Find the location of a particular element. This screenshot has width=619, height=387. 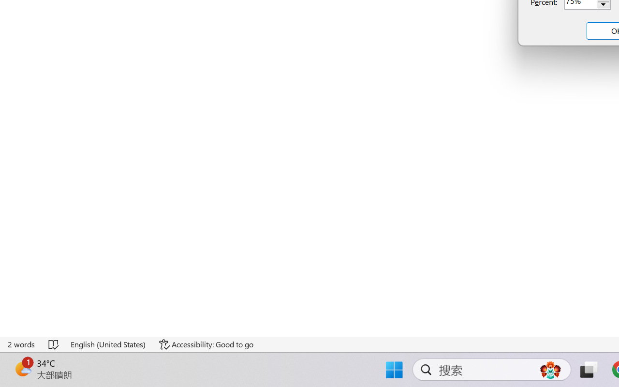

'AutomationID: BadgeAnchorLargeTicker' is located at coordinates (22, 369).